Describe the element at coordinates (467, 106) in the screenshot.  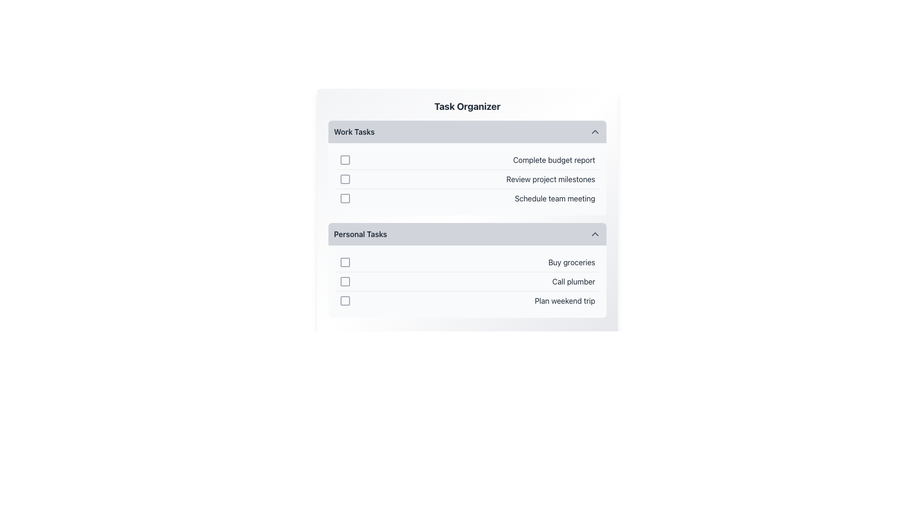
I see `text of the title label that serves as the heading for the tasks section, positioned above the 'Work Tasks' and 'Personal Tasks'` at that location.